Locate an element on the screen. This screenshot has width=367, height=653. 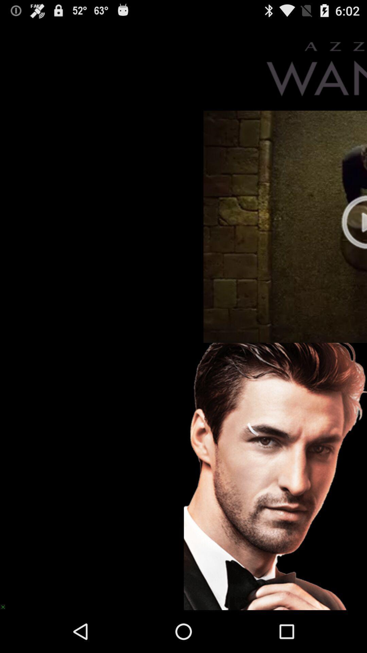
the item at the bottom left corner is located at coordinates (6, 604).